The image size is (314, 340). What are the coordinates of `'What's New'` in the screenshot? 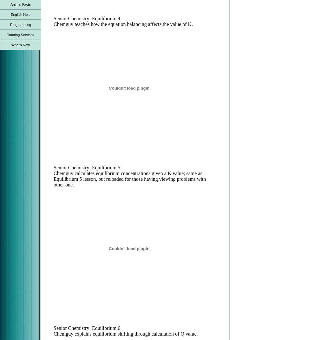 It's located at (20, 44).